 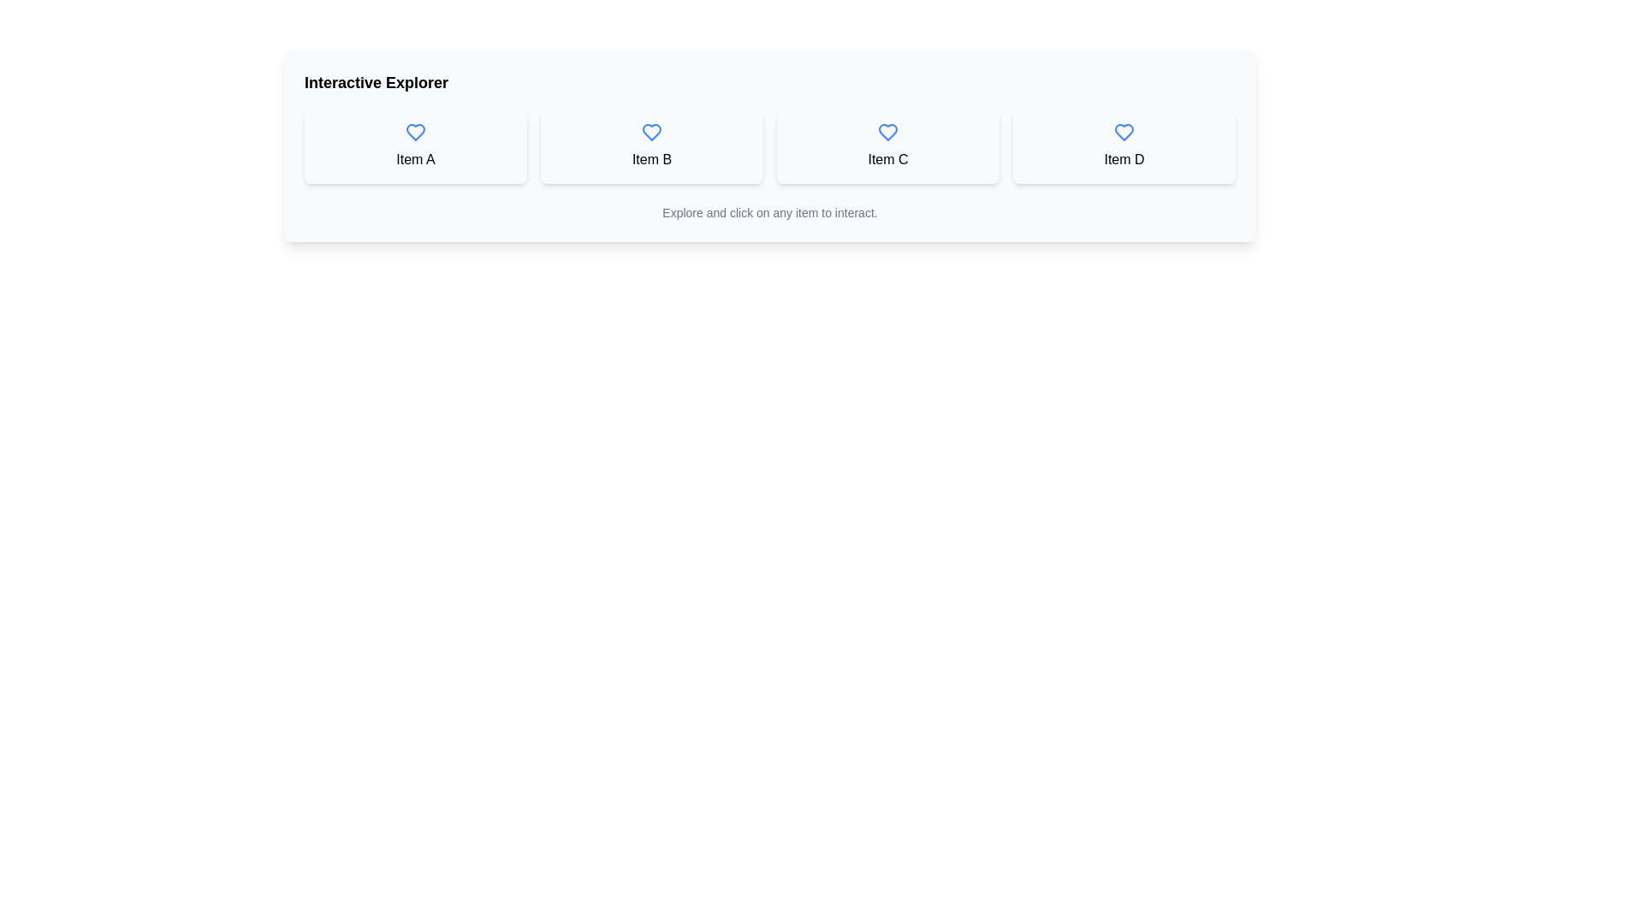 What do you see at coordinates (1124, 131) in the screenshot?
I see `the blue heart-shaped icon located at the center of the 'Item D' card` at bounding box center [1124, 131].